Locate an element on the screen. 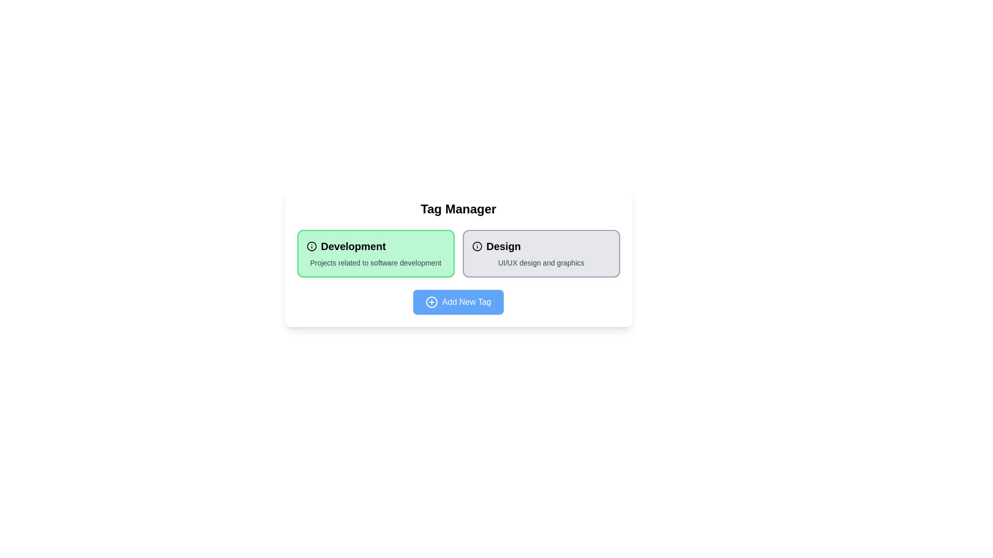 The height and width of the screenshot is (558, 993). the information icon styled with a circular border and an 'i' symbol, located to the left of the text 'Development' within the green-highlighted box is located at coordinates (311, 246).